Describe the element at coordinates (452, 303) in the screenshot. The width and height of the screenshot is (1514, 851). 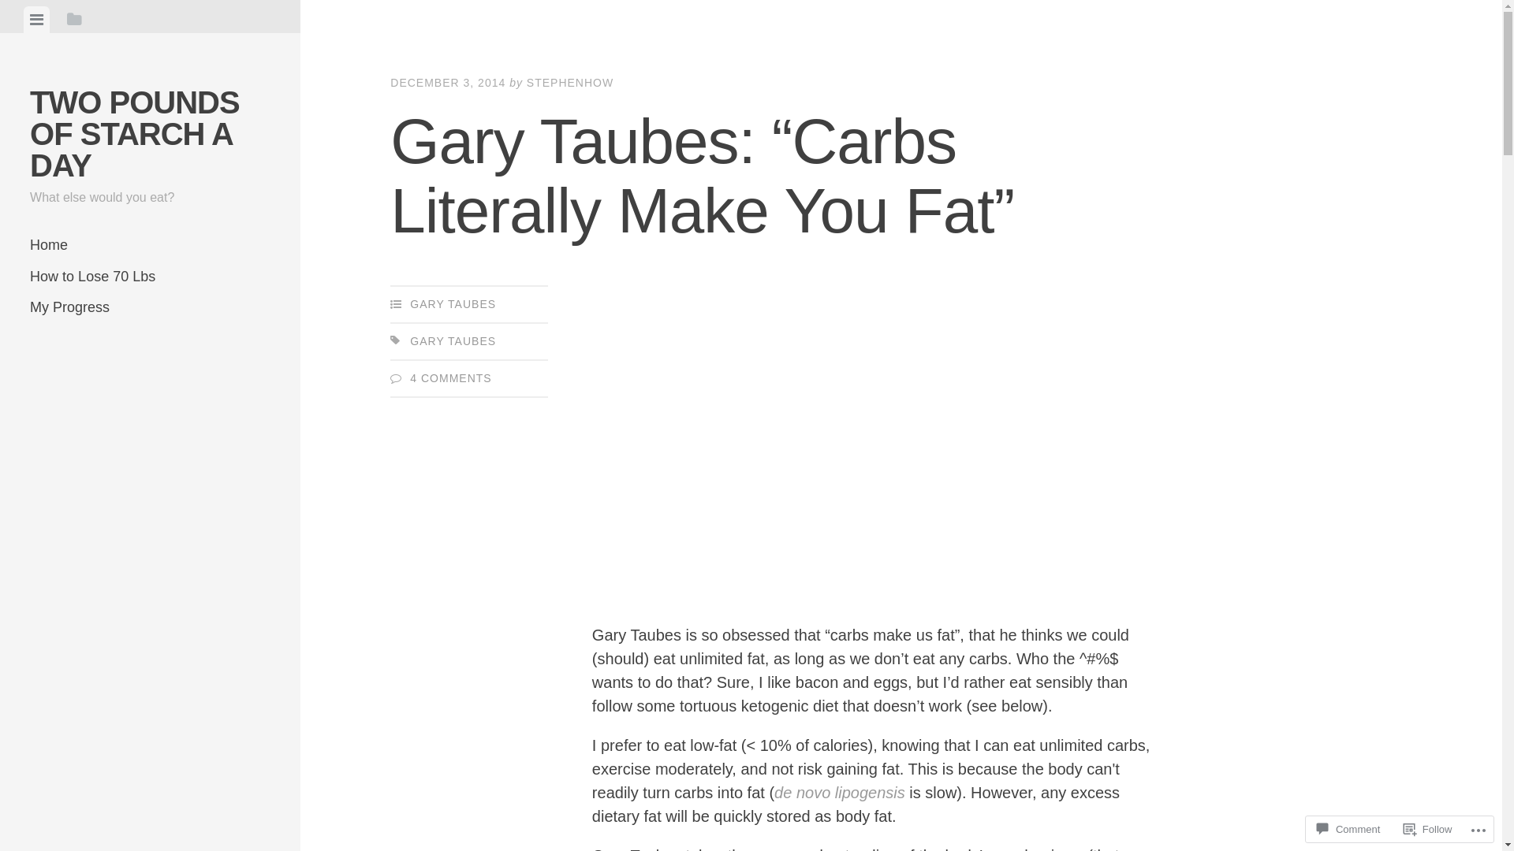
I see `'GARY TAUBES'` at that location.